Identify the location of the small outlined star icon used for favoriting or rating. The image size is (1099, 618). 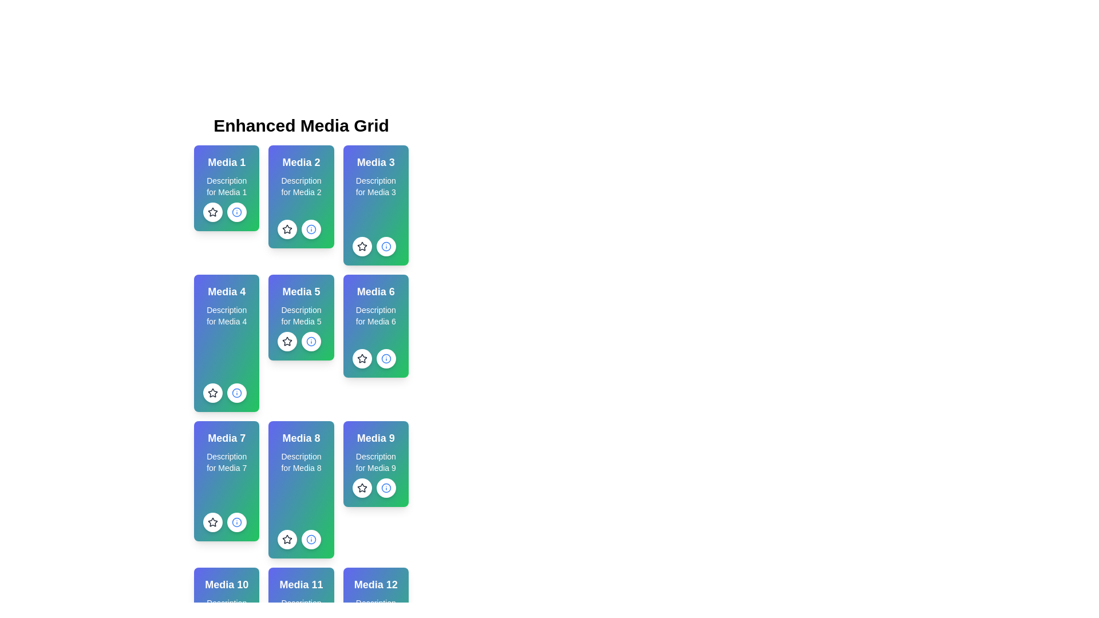
(361, 358).